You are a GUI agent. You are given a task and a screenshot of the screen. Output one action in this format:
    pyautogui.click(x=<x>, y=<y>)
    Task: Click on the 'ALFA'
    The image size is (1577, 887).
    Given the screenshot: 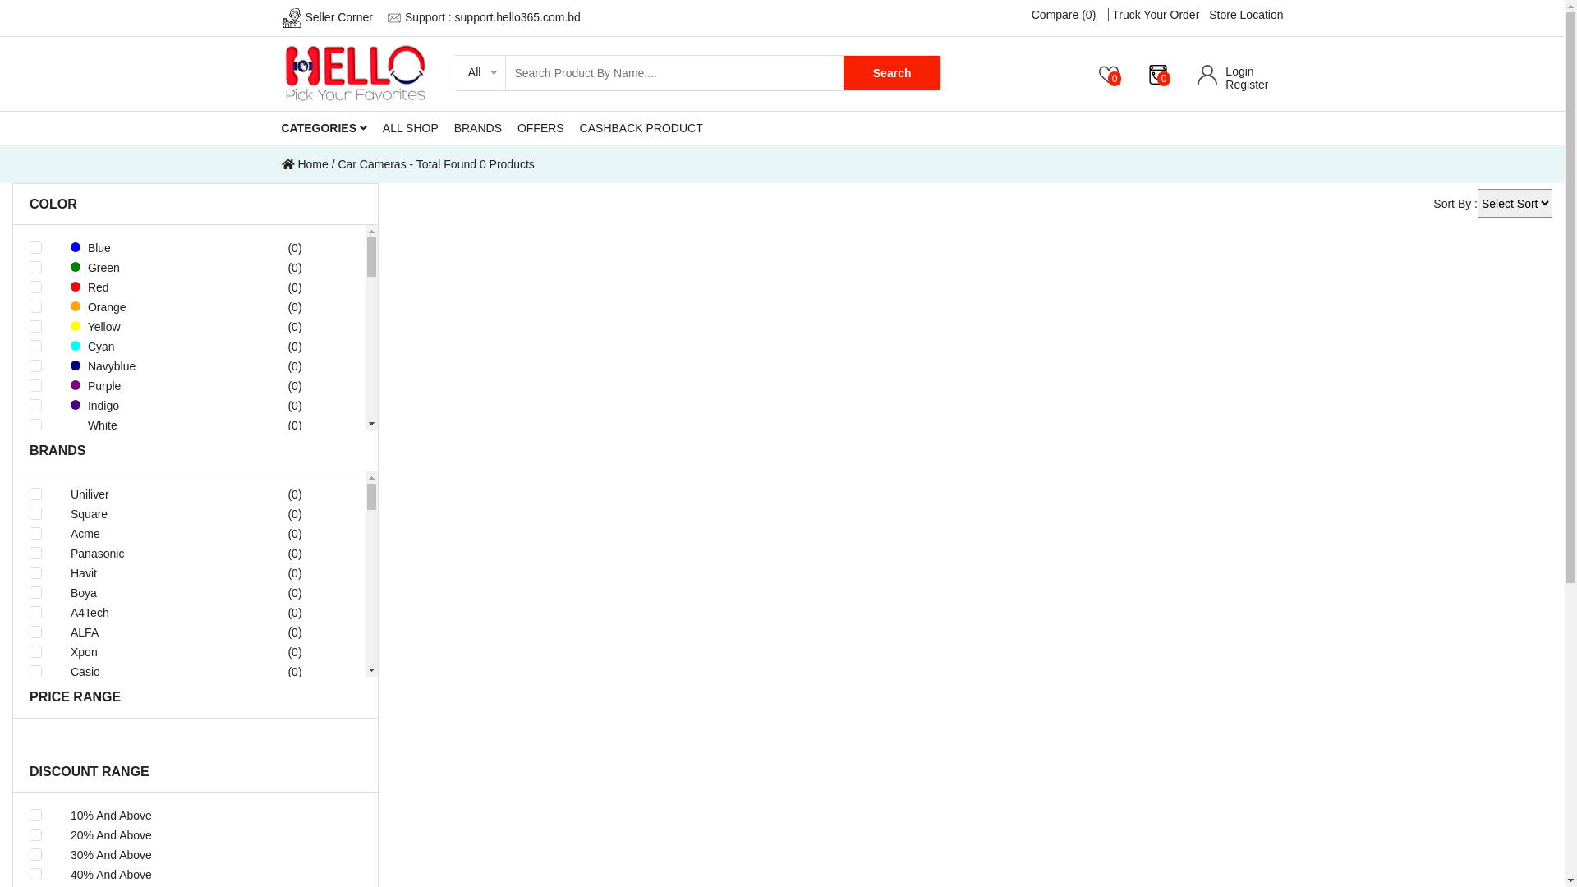 What is the action you would take?
    pyautogui.click(x=154, y=632)
    